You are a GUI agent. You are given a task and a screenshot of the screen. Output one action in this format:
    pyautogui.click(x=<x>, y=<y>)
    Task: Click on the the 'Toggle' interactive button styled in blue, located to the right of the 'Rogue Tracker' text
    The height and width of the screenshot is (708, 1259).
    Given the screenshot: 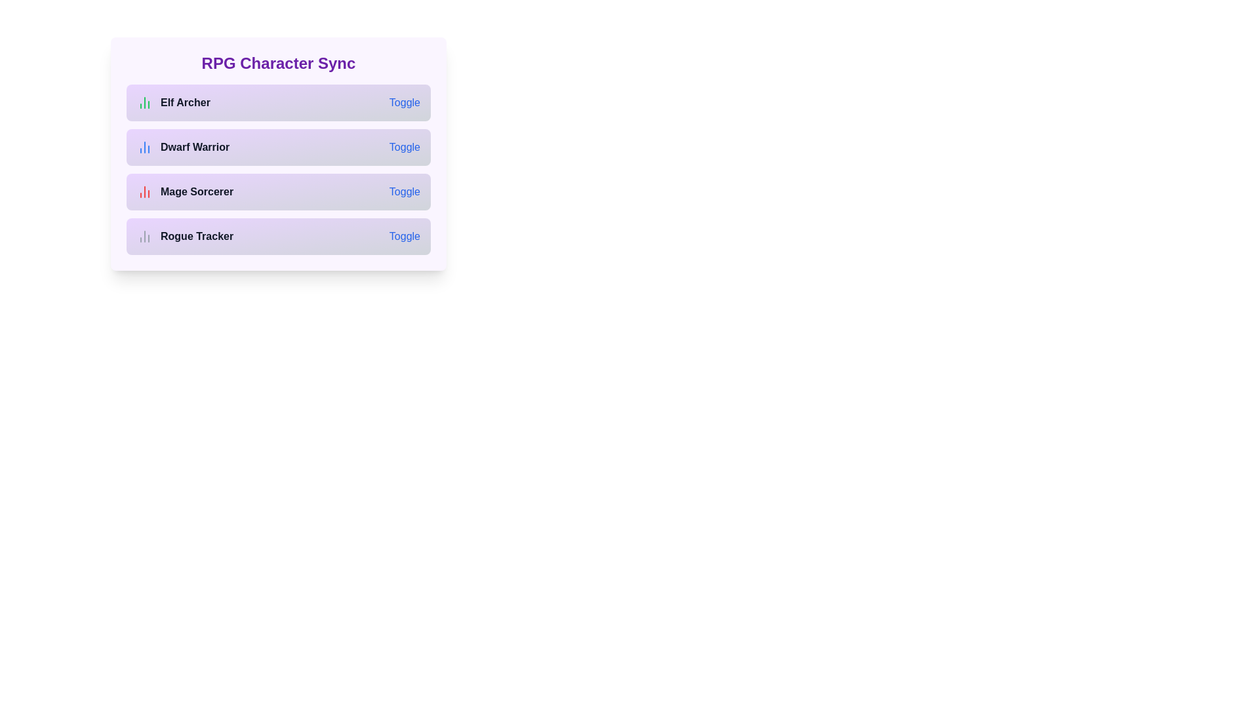 What is the action you would take?
    pyautogui.click(x=404, y=237)
    